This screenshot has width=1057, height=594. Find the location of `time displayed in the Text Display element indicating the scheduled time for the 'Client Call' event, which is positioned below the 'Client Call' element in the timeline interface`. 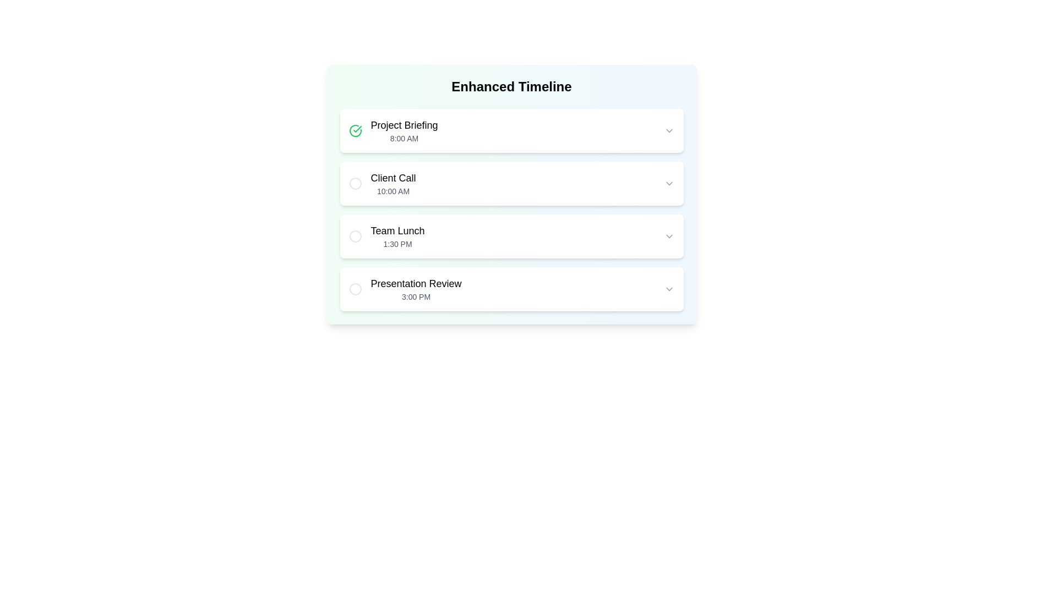

time displayed in the Text Display element indicating the scheduled time for the 'Client Call' event, which is positioned below the 'Client Call' element in the timeline interface is located at coordinates (393, 190).